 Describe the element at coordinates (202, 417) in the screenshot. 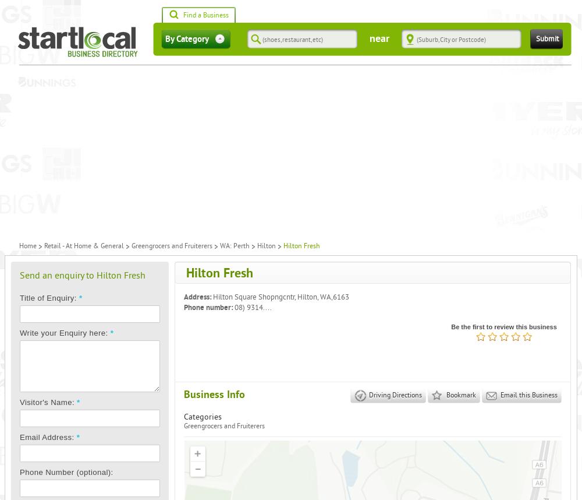

I see `'Categories'` at that location.